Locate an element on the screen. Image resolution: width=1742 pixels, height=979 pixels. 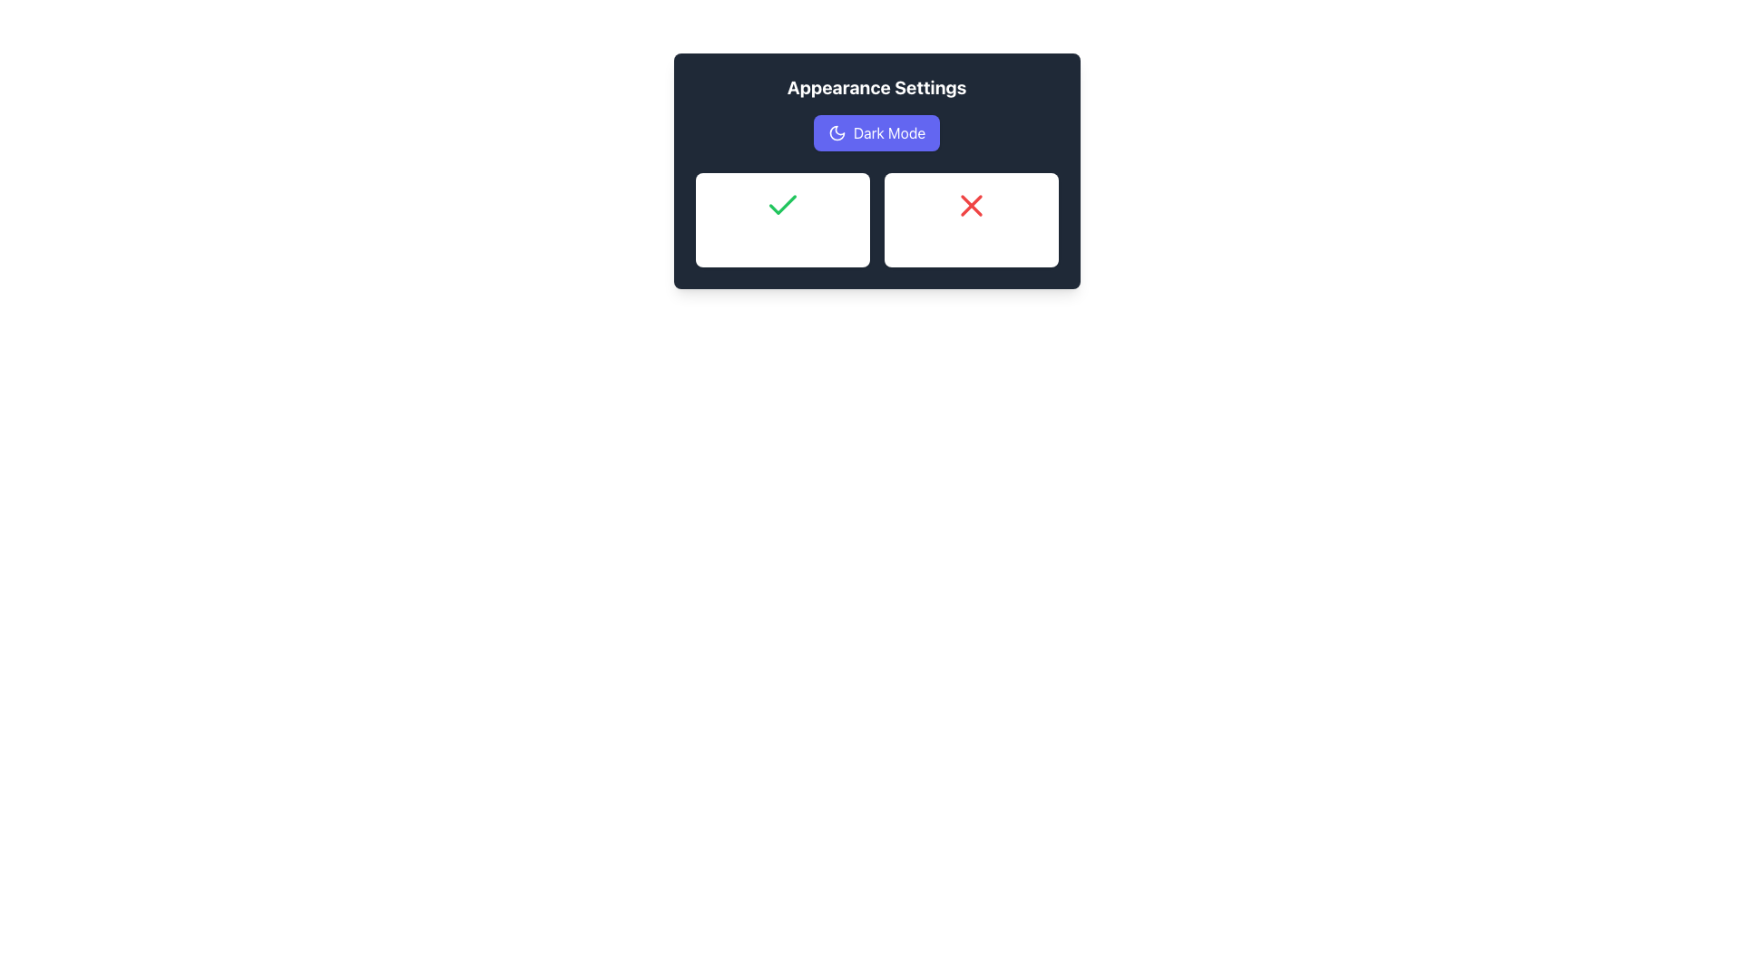
the toggle button for 'Dark Mode' located is located at coordinates (876, 131).